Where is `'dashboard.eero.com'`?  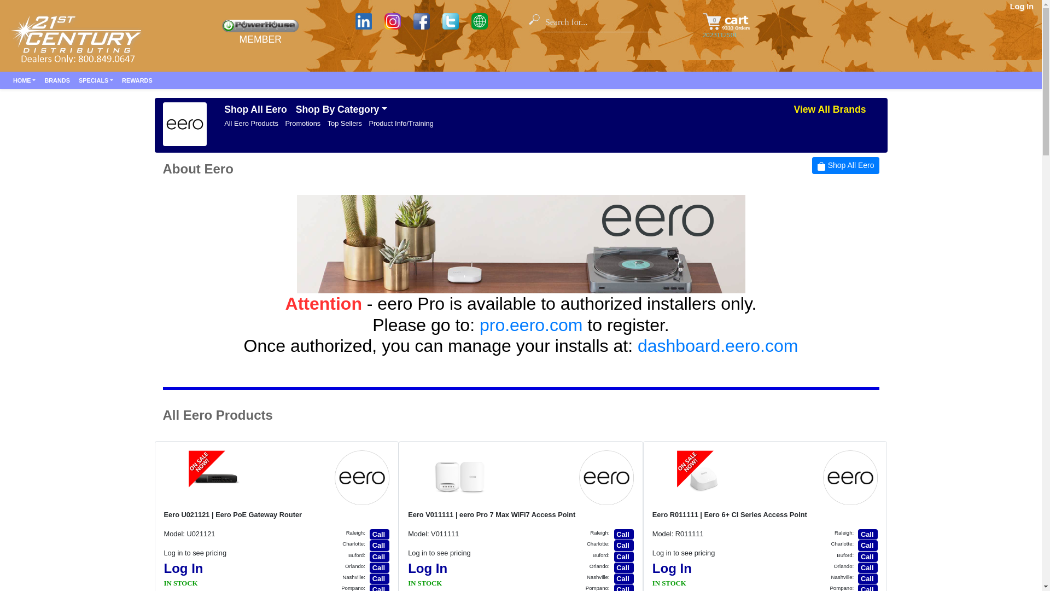
'dashboard.eero.com' is located at coordinates (638, 346).